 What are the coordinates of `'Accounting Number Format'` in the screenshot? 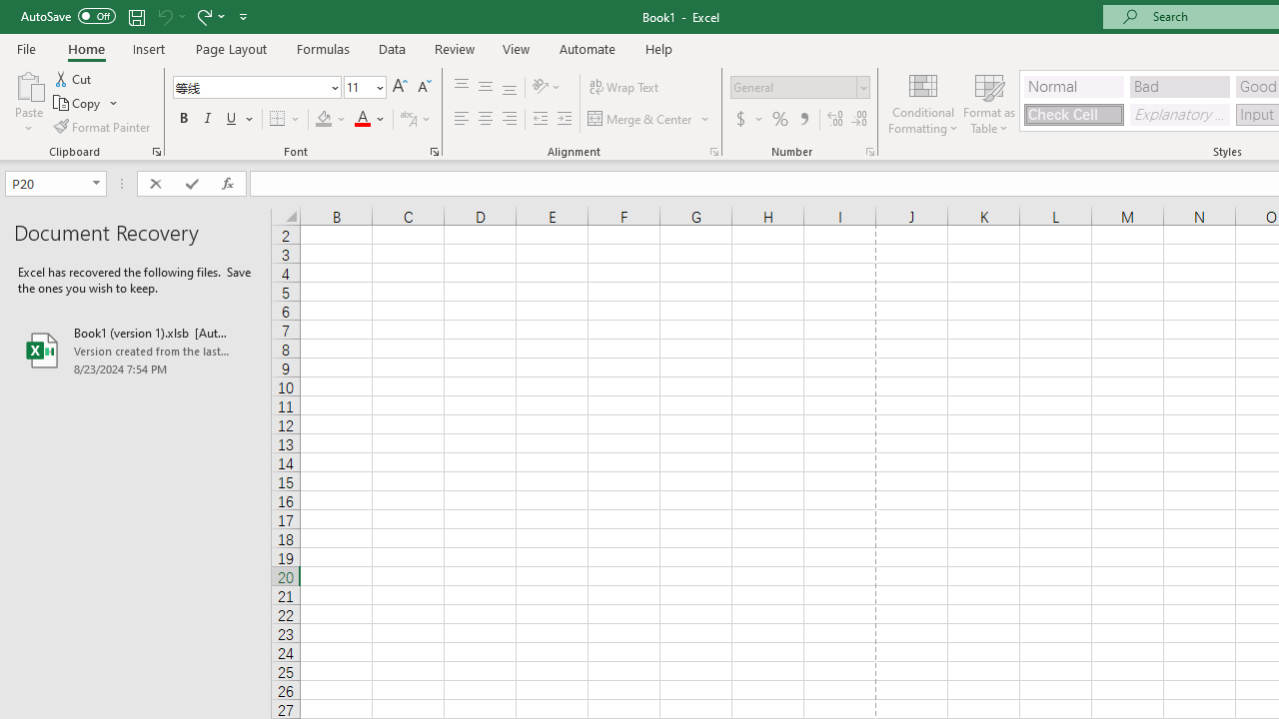 It's located at (747, 119).